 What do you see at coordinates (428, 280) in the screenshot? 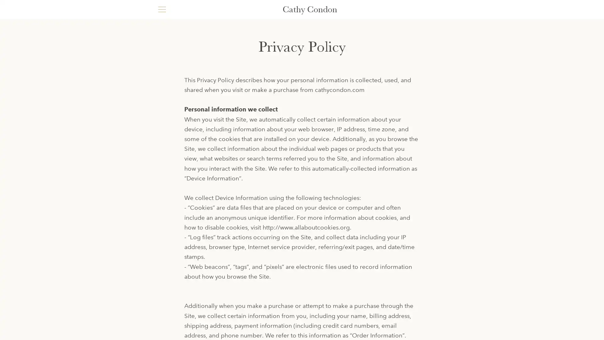
I see `SUBSCRIBE` at bounding box center [428, 280].